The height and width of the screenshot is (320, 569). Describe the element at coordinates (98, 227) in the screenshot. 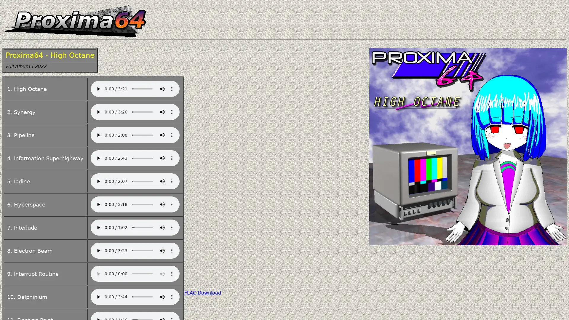

I see `play` at that location.